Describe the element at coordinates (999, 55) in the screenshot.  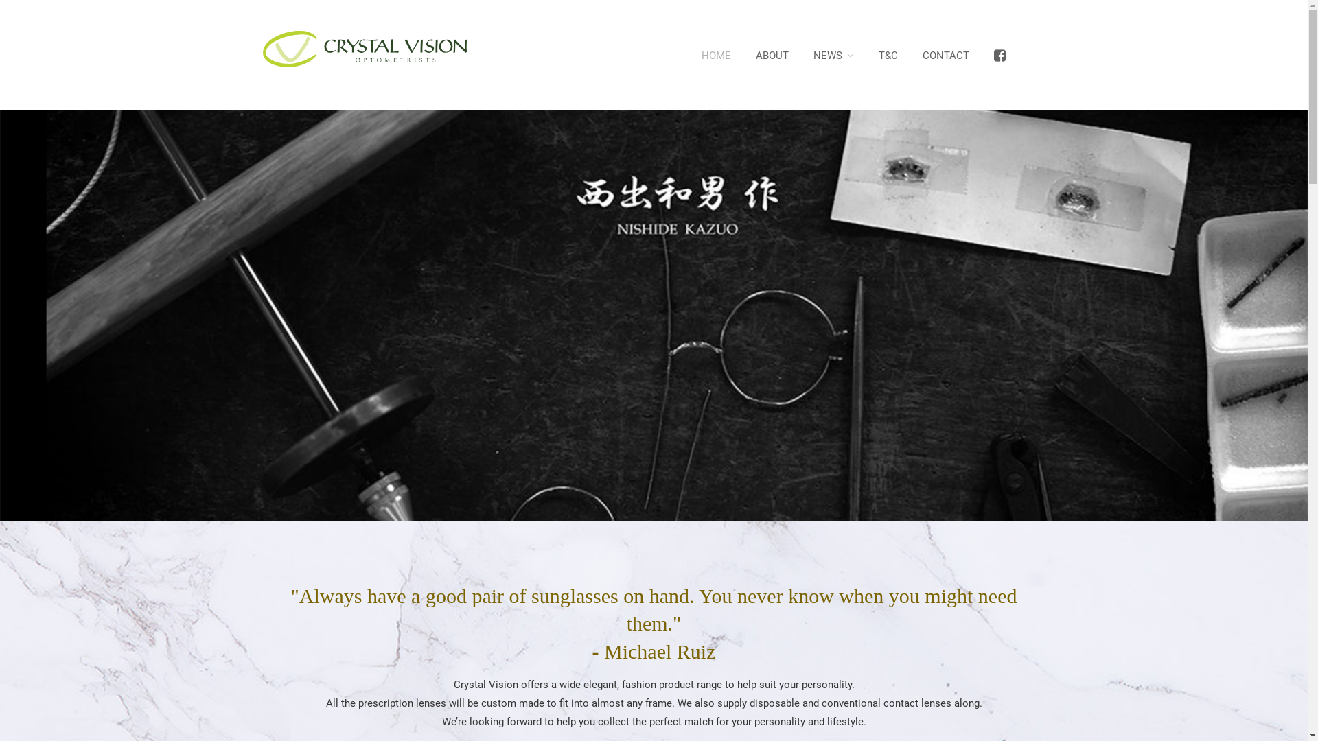
I see `'<i class="fa fa-facebook-square fa-lg"></i>'` at that location.